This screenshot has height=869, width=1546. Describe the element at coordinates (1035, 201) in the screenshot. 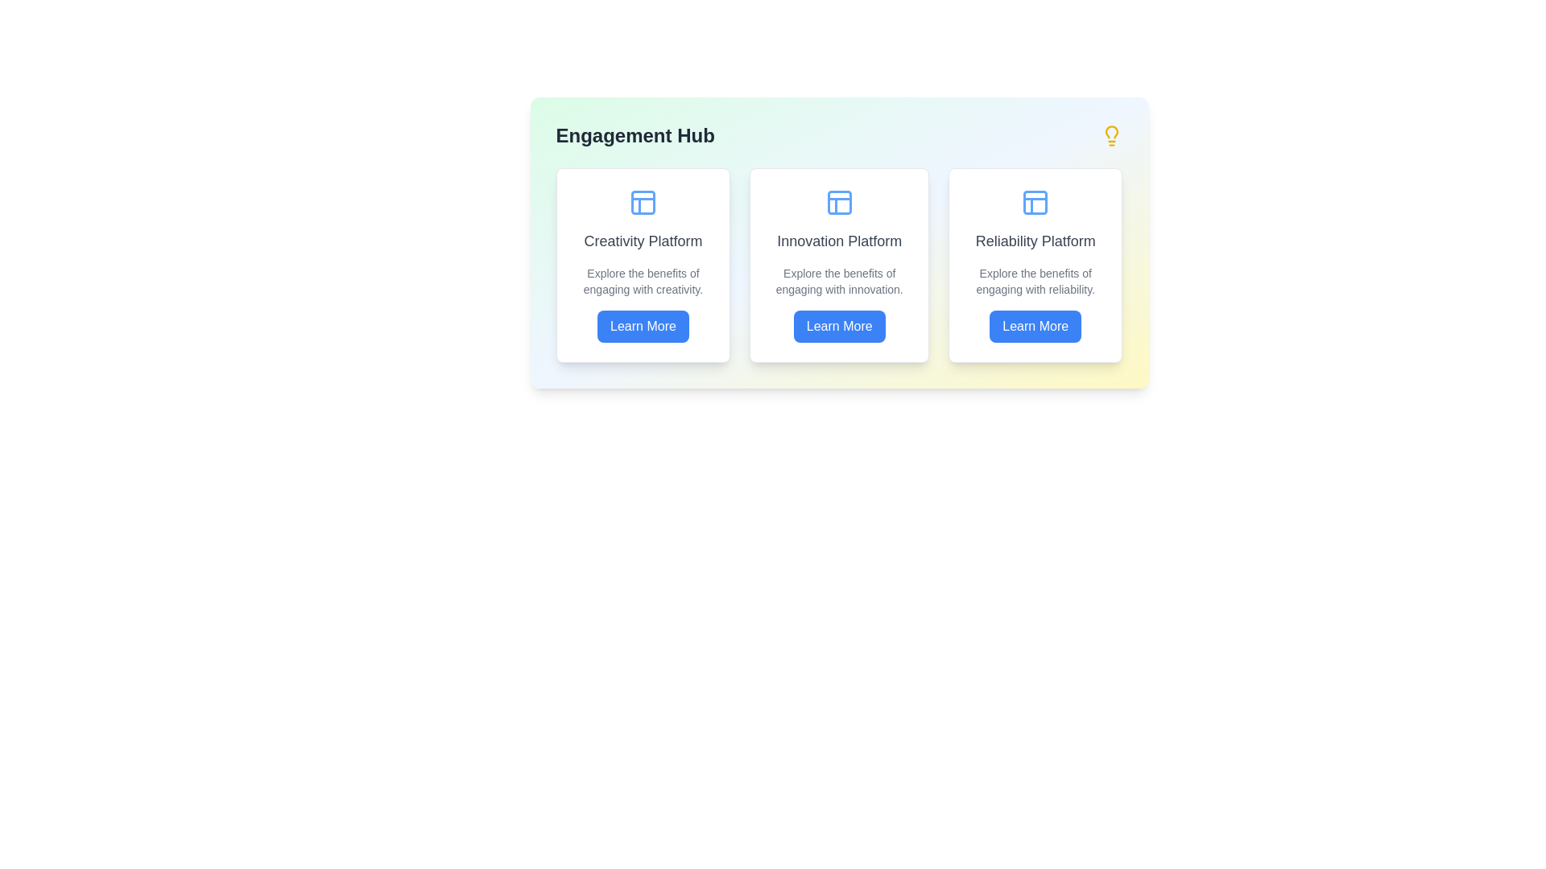

I see `the small rounded rectangle with a blue border located at the center of the panel graphic icon within the 'Reliability Platform' card in the 'Engagement Hub'` at that location.